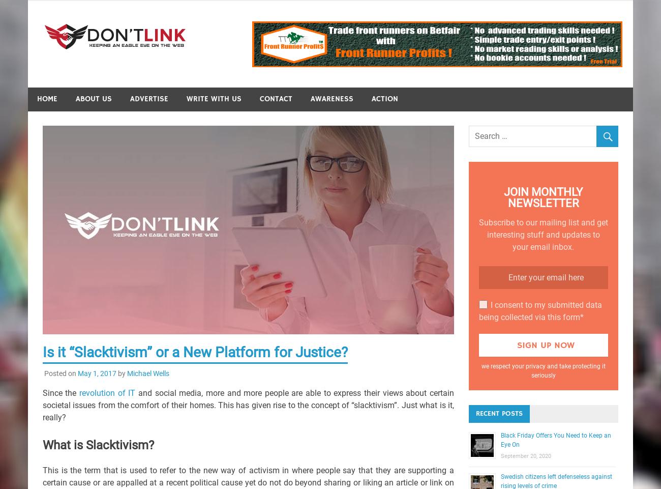  What do you see at coordinates (384, 99) in the screenshot?
I see `'Action'` at bounding box center [384, 99].